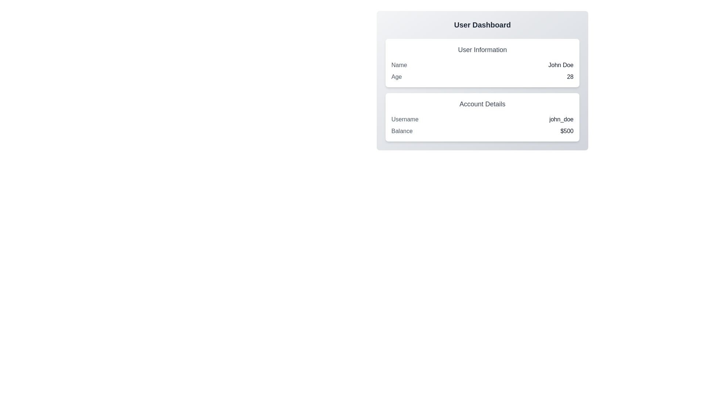  Describe the element at coordinates (482, 49) in the screenshot. I see `the title label for the 'User Information' section, which is positioned centrally above the 'Name' and 'Age' data elements` at that location.